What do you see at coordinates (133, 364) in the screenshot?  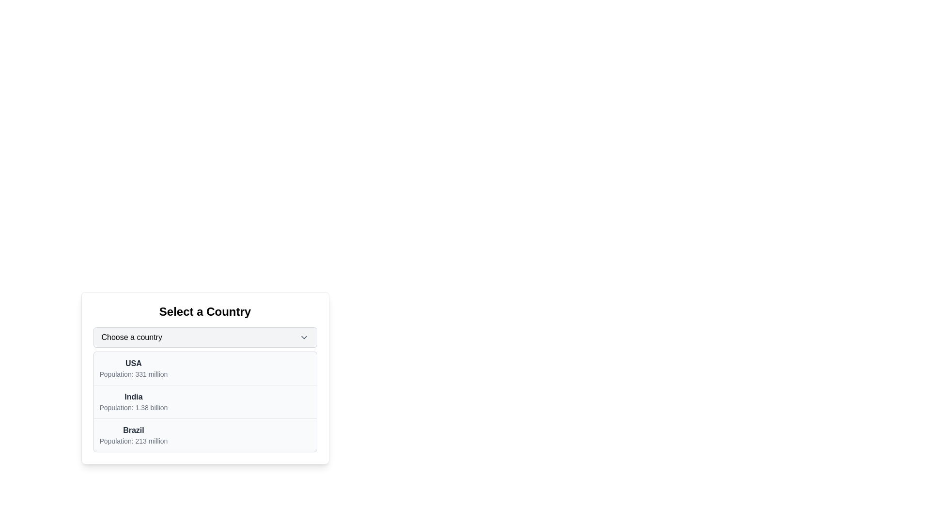 I see `text content of the label displaying 'USA', which is bold and dark gray, located above the population details in the dropdown menu for country selection` at bounding box center [133, 364].